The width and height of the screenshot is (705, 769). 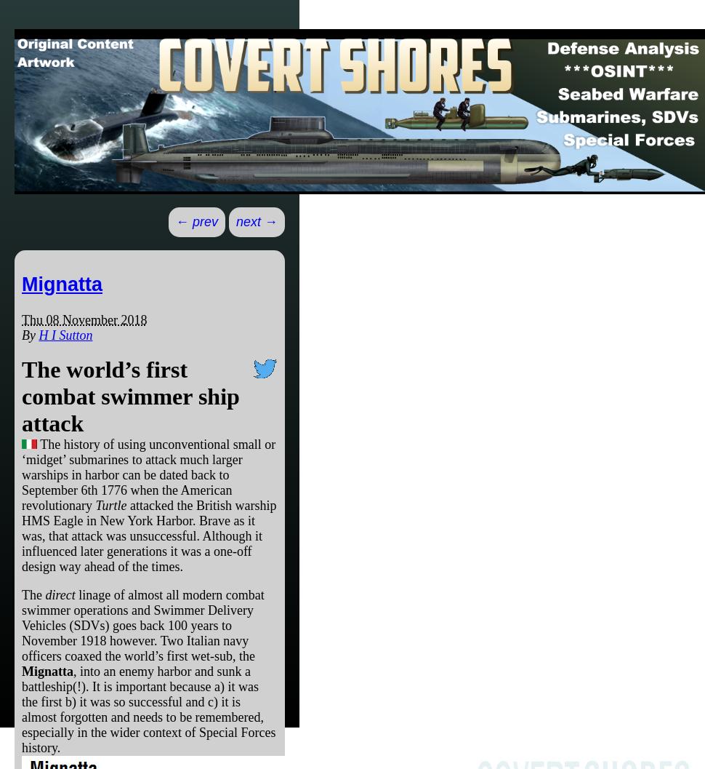 I want to click on 'direct', so click(x=59, y=594).